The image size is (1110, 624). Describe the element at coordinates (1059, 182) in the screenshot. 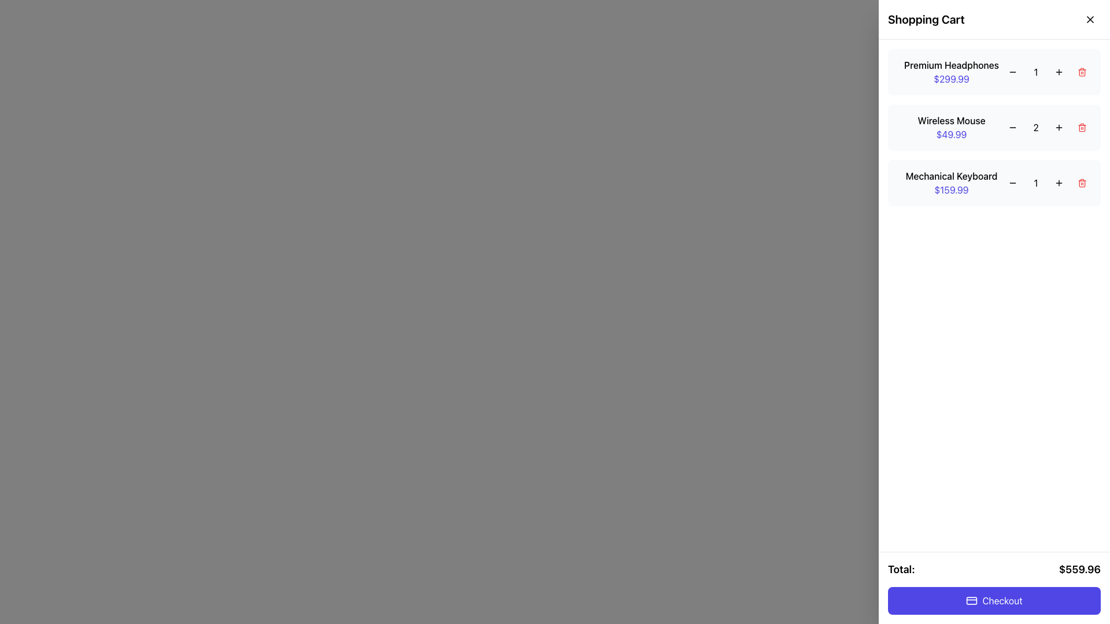

I see `the increment button located to the right of the numeric value '1' for the 'Mechanical Keyboard' in the shopping cart to increase the item's quantity` at that location.